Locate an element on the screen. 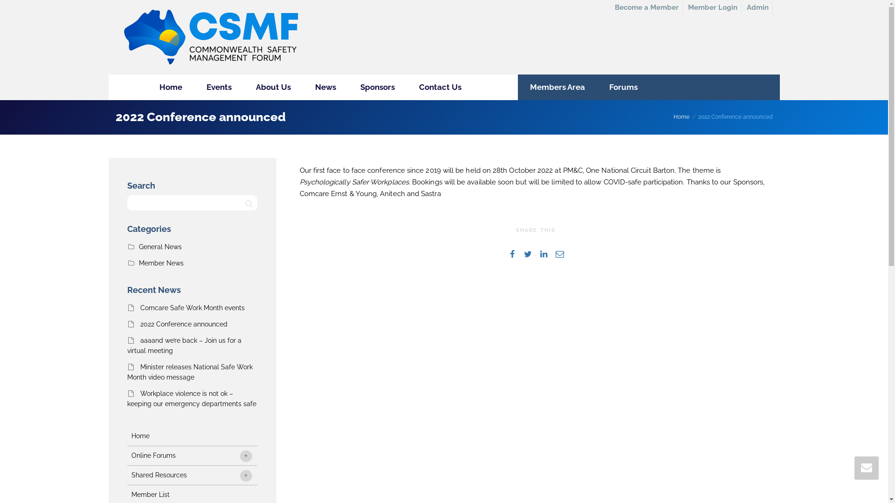 The width and height of the screenshot is (895, 503). 'Home' is located at coordinates (171, 87).